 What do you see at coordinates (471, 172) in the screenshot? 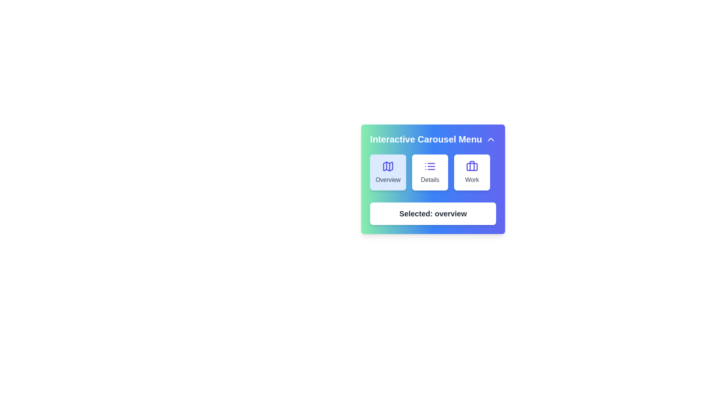
I see `the slide labeled Work from the carousel` at bounding box center [471, 172].